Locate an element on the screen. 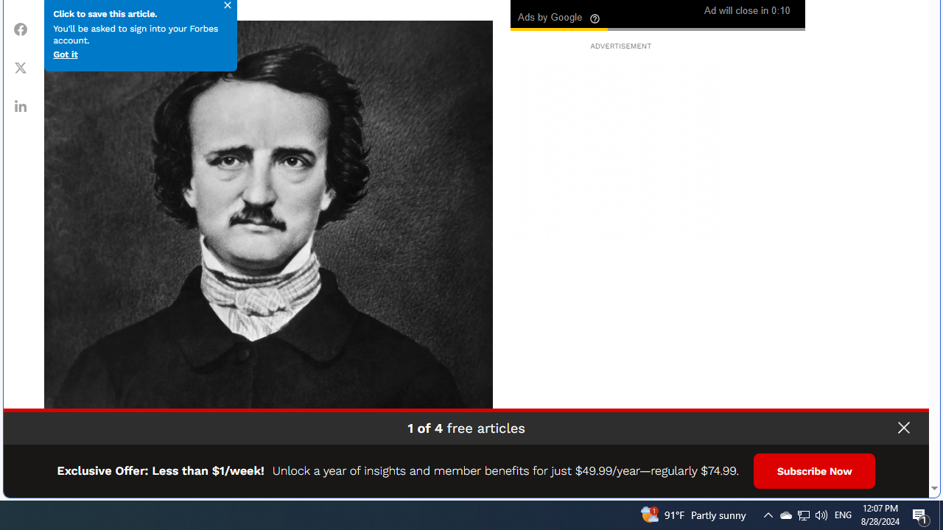  'Class: fs-icon fs-icon--xCorp' is located at coordinates (21, 67).